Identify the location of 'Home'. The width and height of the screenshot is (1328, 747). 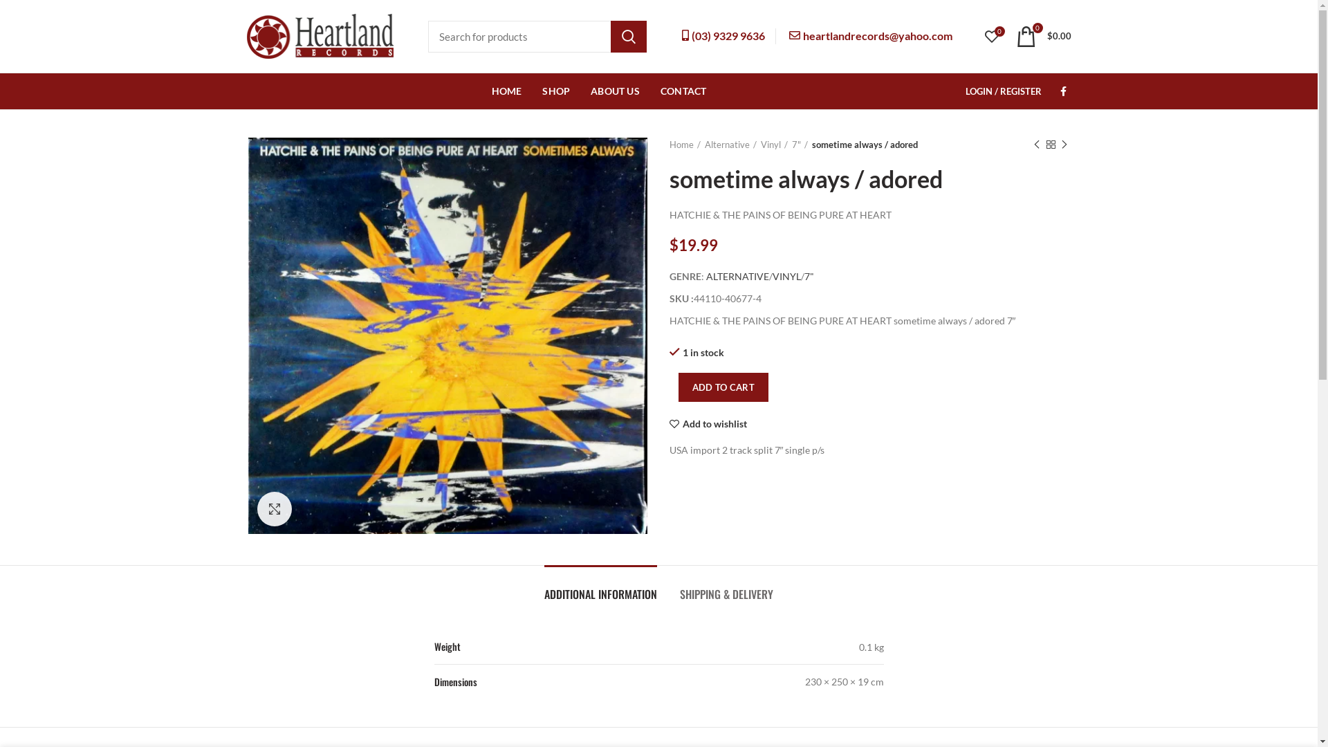
(670, 144).